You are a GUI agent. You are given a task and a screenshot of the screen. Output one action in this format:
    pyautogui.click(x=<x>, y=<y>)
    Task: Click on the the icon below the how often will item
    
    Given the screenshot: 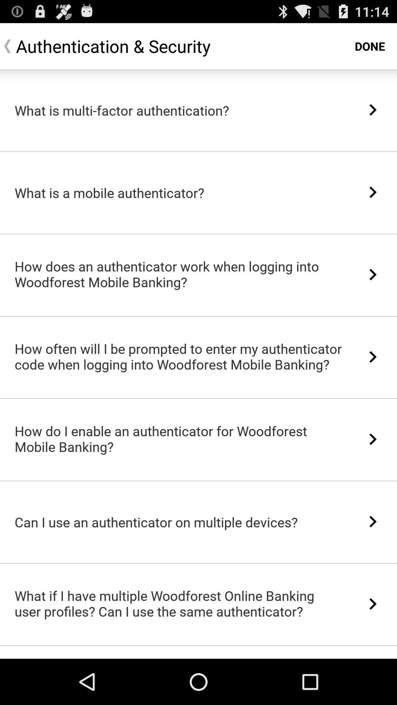 What is the action you would take?
    pyautogui.click(x=198, y=398)
    